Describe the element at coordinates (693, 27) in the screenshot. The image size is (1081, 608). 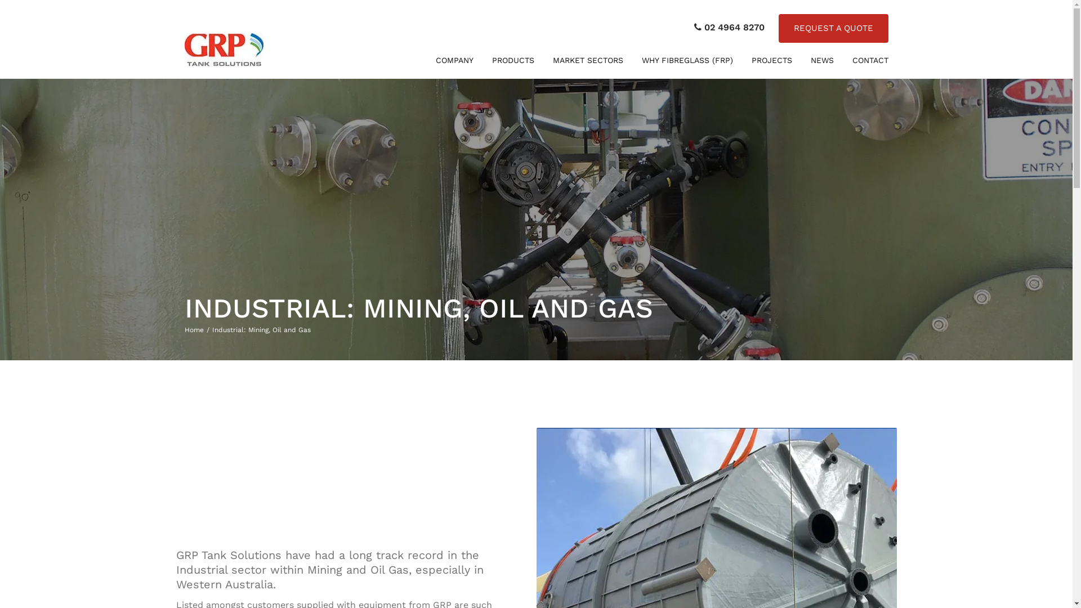
I see `'02 4964 8270'` at that location.